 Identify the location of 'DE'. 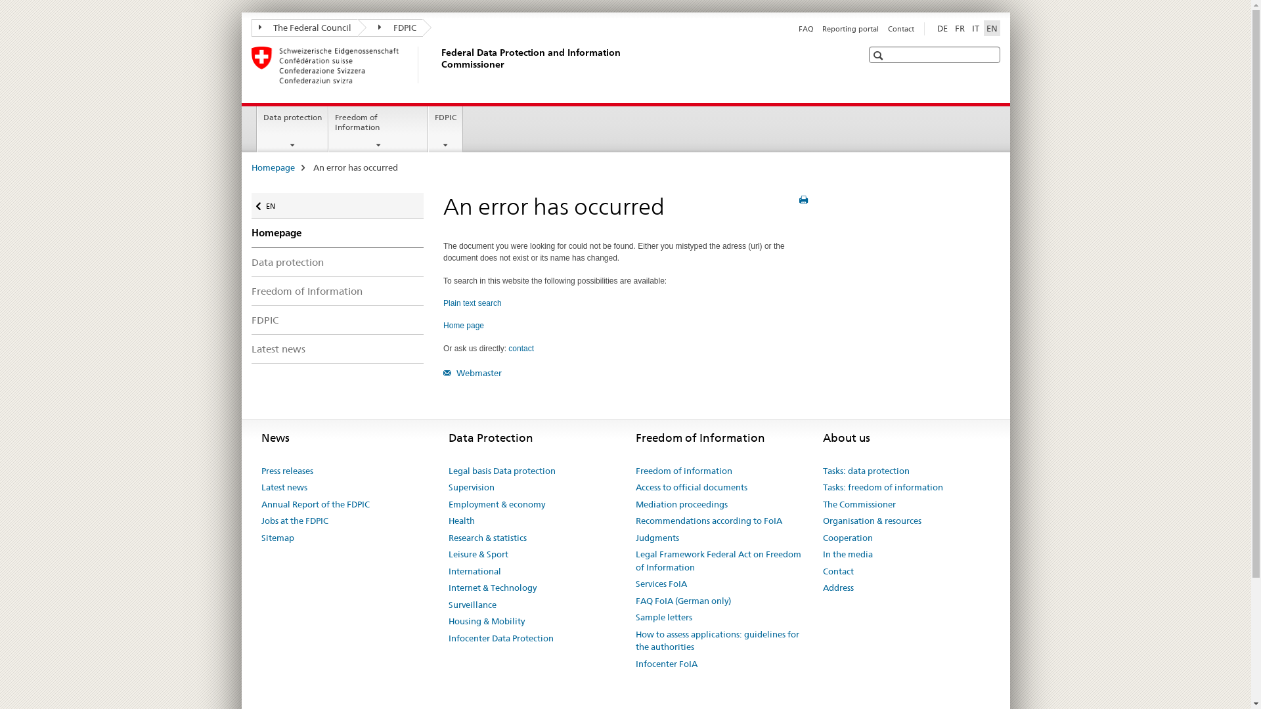
(941, 28).